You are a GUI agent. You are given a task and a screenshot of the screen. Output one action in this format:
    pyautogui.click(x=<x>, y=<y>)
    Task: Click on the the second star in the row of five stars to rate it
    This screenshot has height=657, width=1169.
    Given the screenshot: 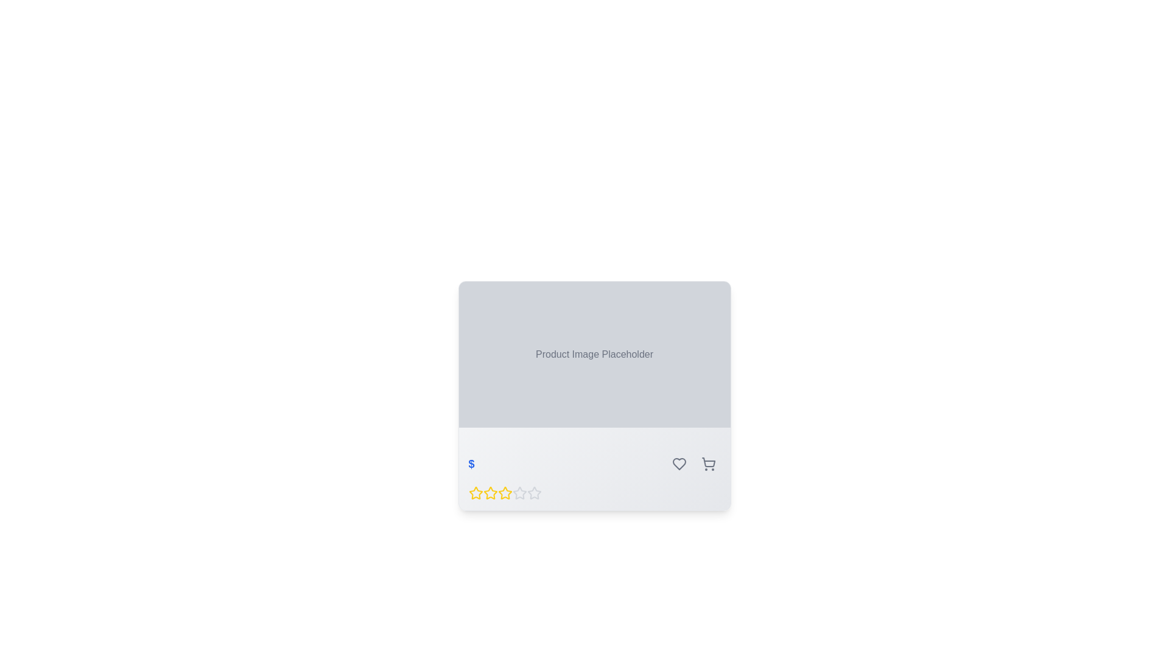 What is the action you would take?
    pyautogui.click(x=490, y=493)
    